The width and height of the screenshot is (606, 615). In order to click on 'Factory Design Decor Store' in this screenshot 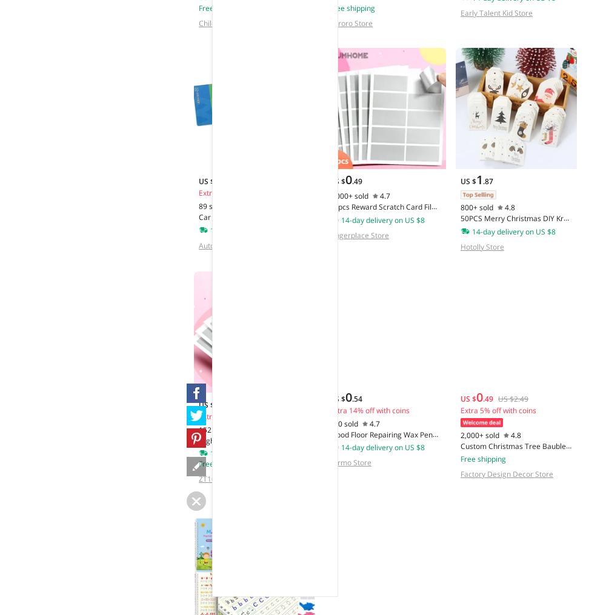, I will do `click(505, 473)`.